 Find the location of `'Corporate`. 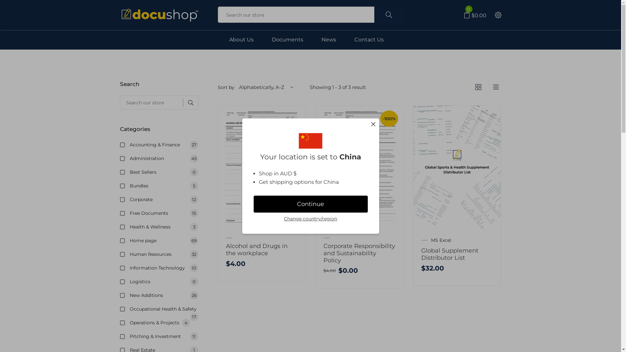

'Corporate is located at coordinates (130, 199).